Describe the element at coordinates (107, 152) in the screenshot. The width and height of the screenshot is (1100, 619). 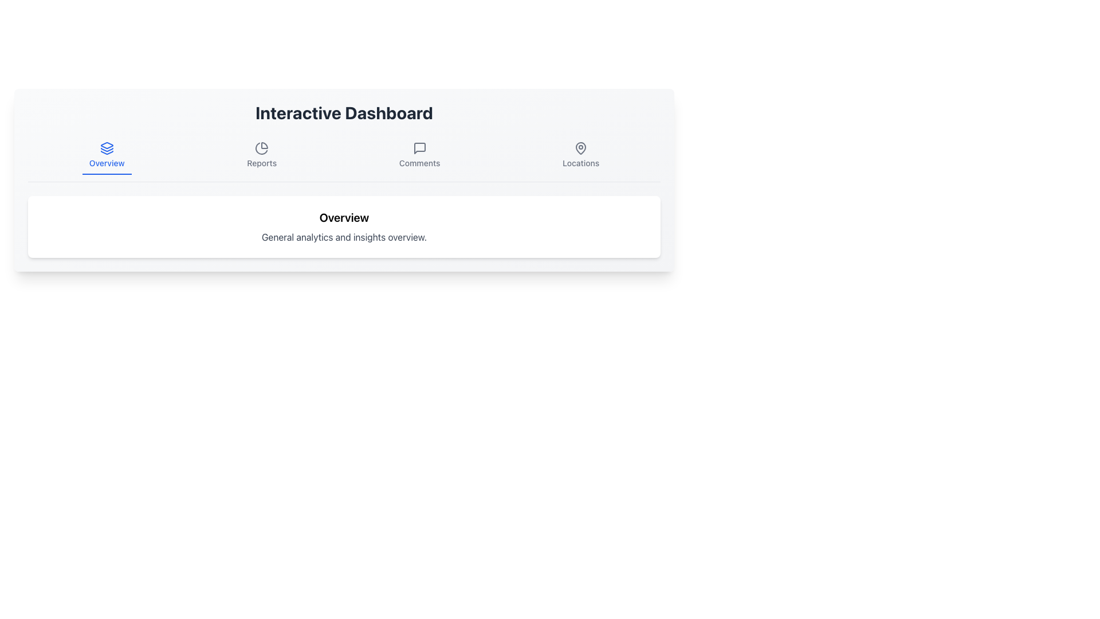
I see `the bottommost layer of the stacked blue graphical icon located to the left side of the header bar, which is part of the SVG icon aligned with the 'Overview' navigation label` at that location.